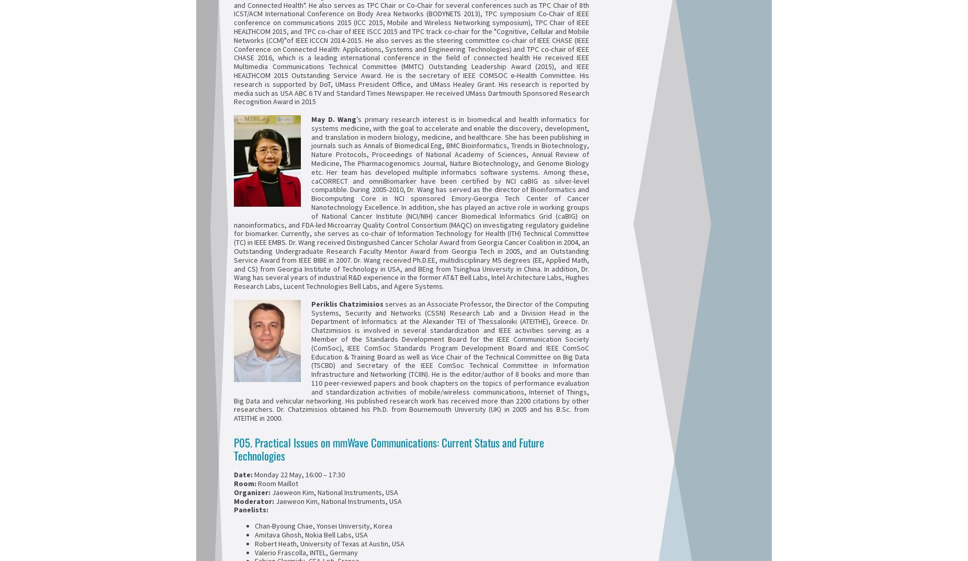 This screenshot has height=561, width=968. Describe the element at coordinates (389, 448) in the screenshot. I see `'P05. Practical Issues on mmWave Communications: Current Status and Future Technologies'` at that location.